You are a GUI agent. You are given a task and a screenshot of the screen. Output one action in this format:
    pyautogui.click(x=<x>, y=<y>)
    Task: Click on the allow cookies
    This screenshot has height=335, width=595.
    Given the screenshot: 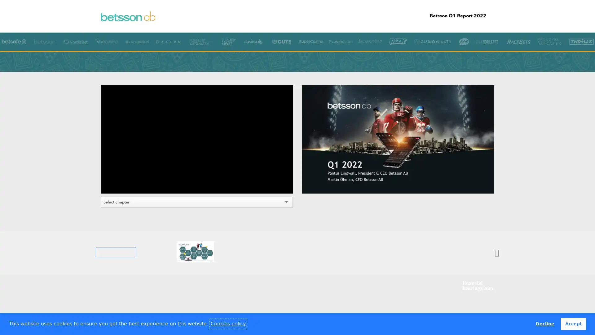 What is the action you would take?
    pyautogui.click(x=573, y=324)
    